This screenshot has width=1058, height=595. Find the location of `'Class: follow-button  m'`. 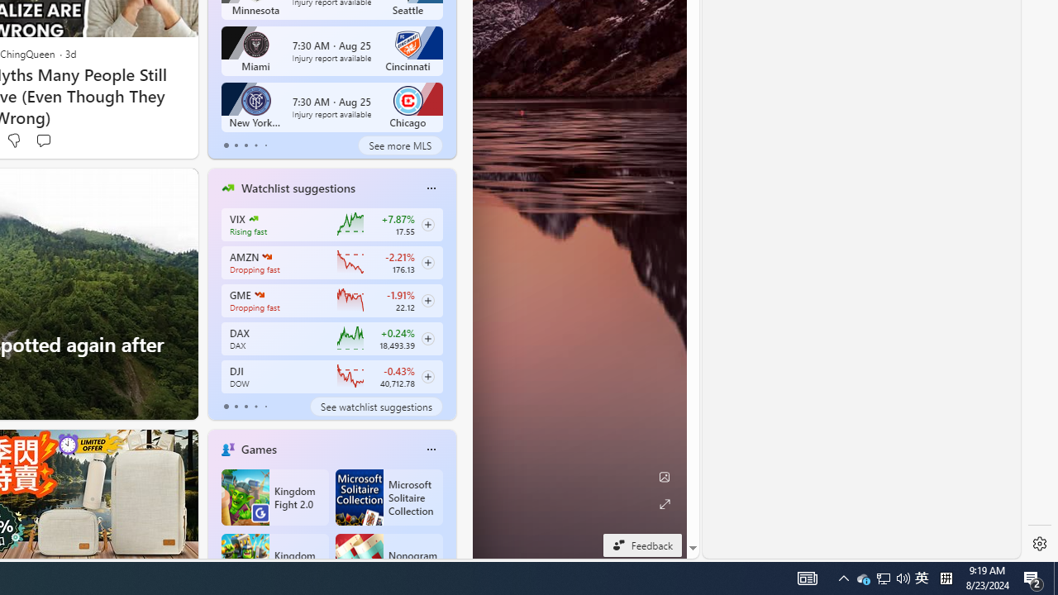

'Class: follow-button  m' is located at coordinates (427, 376).